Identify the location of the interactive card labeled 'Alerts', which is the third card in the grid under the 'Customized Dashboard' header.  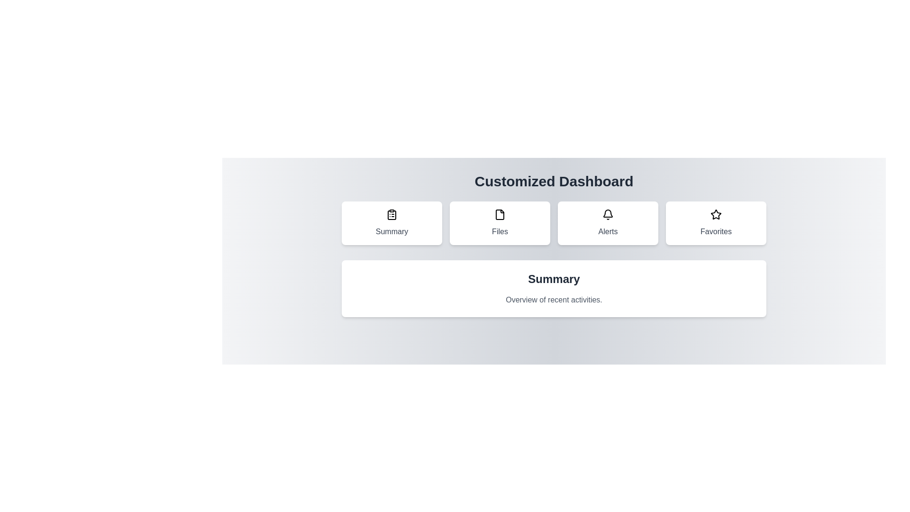
(608, 223).